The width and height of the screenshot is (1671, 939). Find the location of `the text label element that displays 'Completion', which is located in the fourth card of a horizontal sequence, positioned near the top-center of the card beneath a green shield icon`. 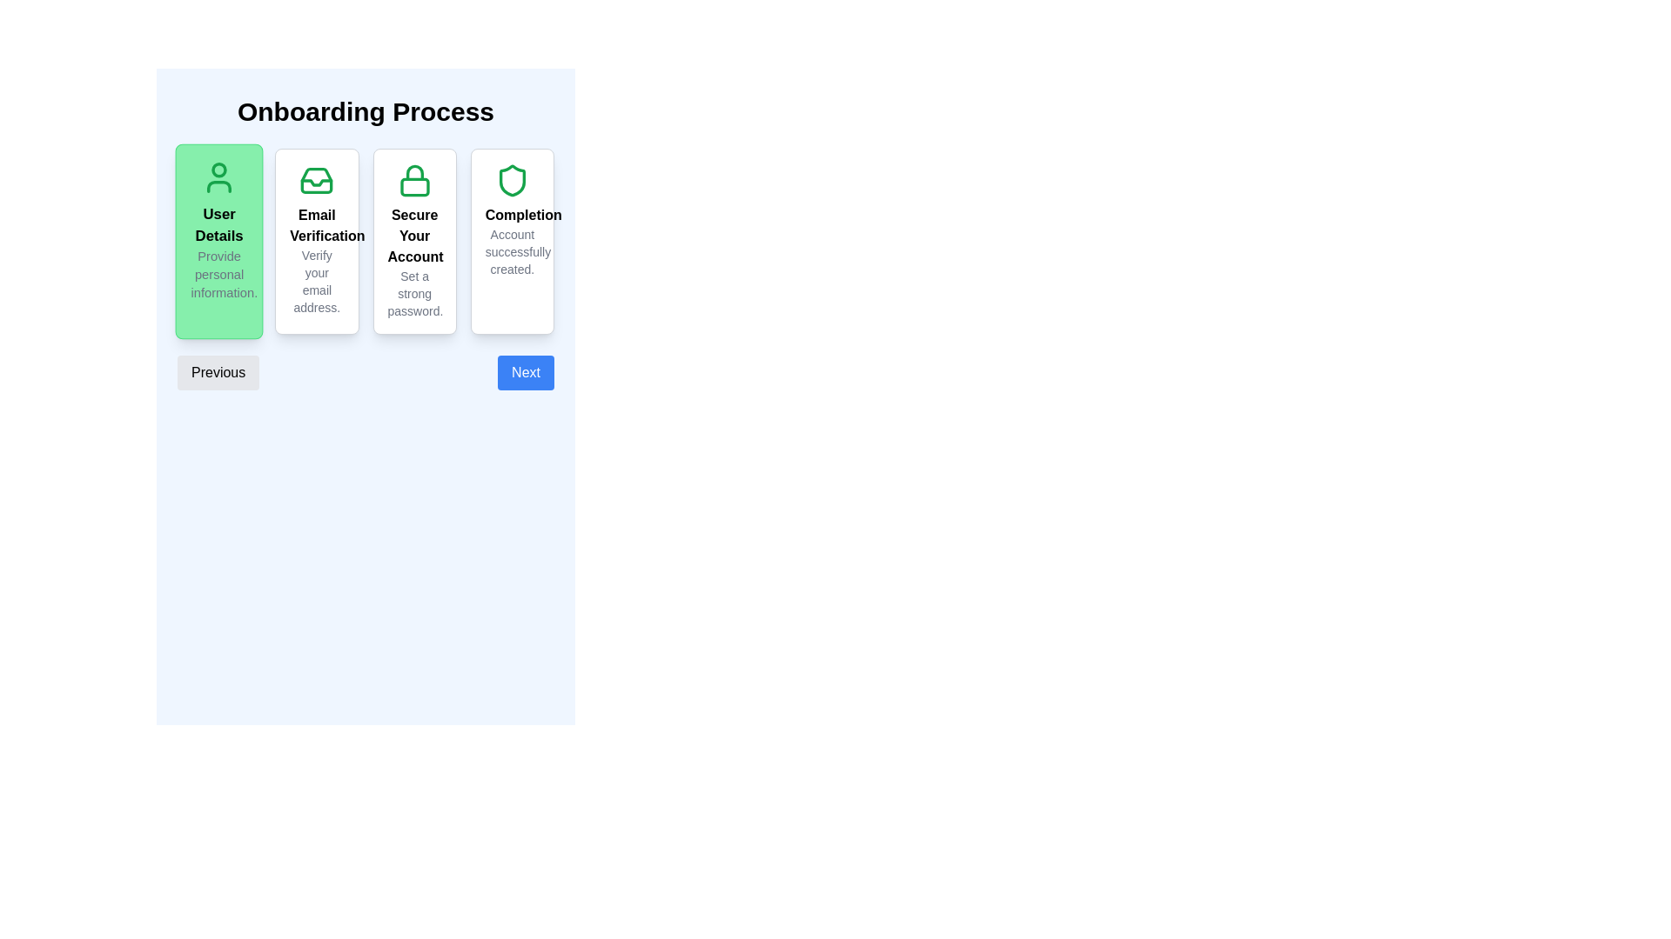

the text label element that displays 'Completion', which is located in the fourth card of a horizontal sequence, positioned near the top-center of the card beneath a green shield icon is located at coordinates (511, 214).